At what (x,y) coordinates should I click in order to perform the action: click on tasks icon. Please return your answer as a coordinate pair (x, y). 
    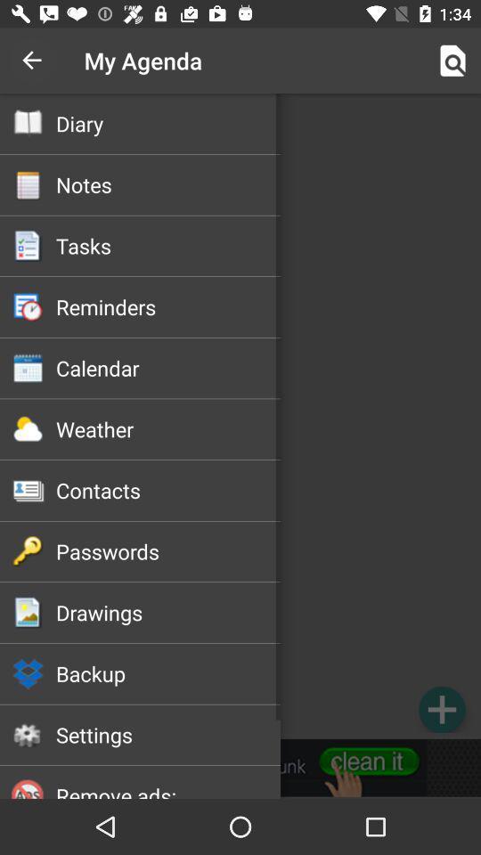
    Looking at the image, I should click on (168, 245).